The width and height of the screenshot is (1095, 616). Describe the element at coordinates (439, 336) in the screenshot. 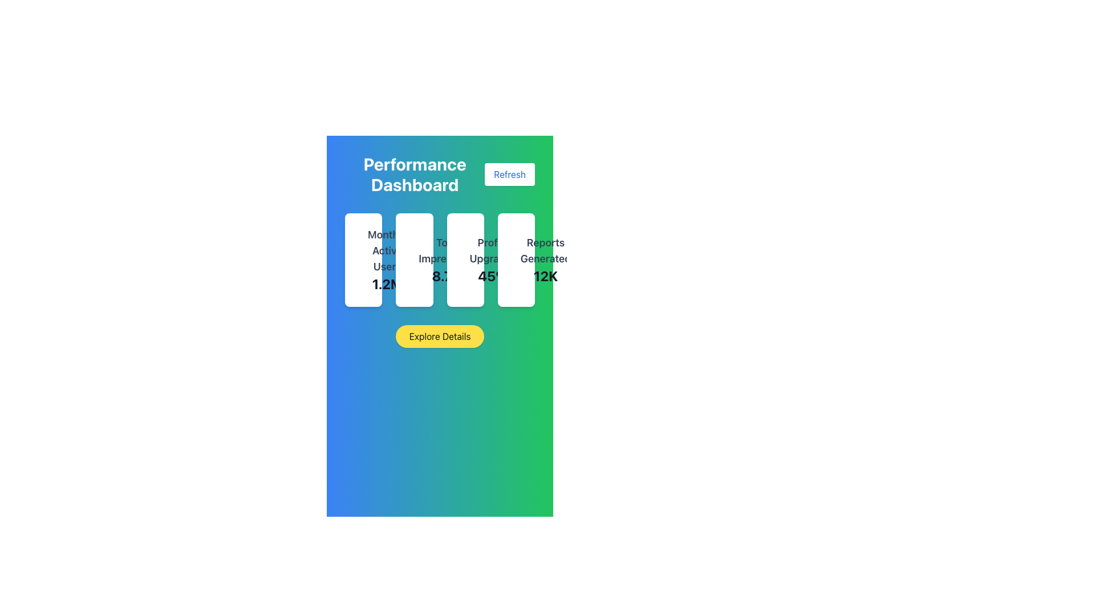

I see `the centrally located call-to-action button that enables users` at that location.